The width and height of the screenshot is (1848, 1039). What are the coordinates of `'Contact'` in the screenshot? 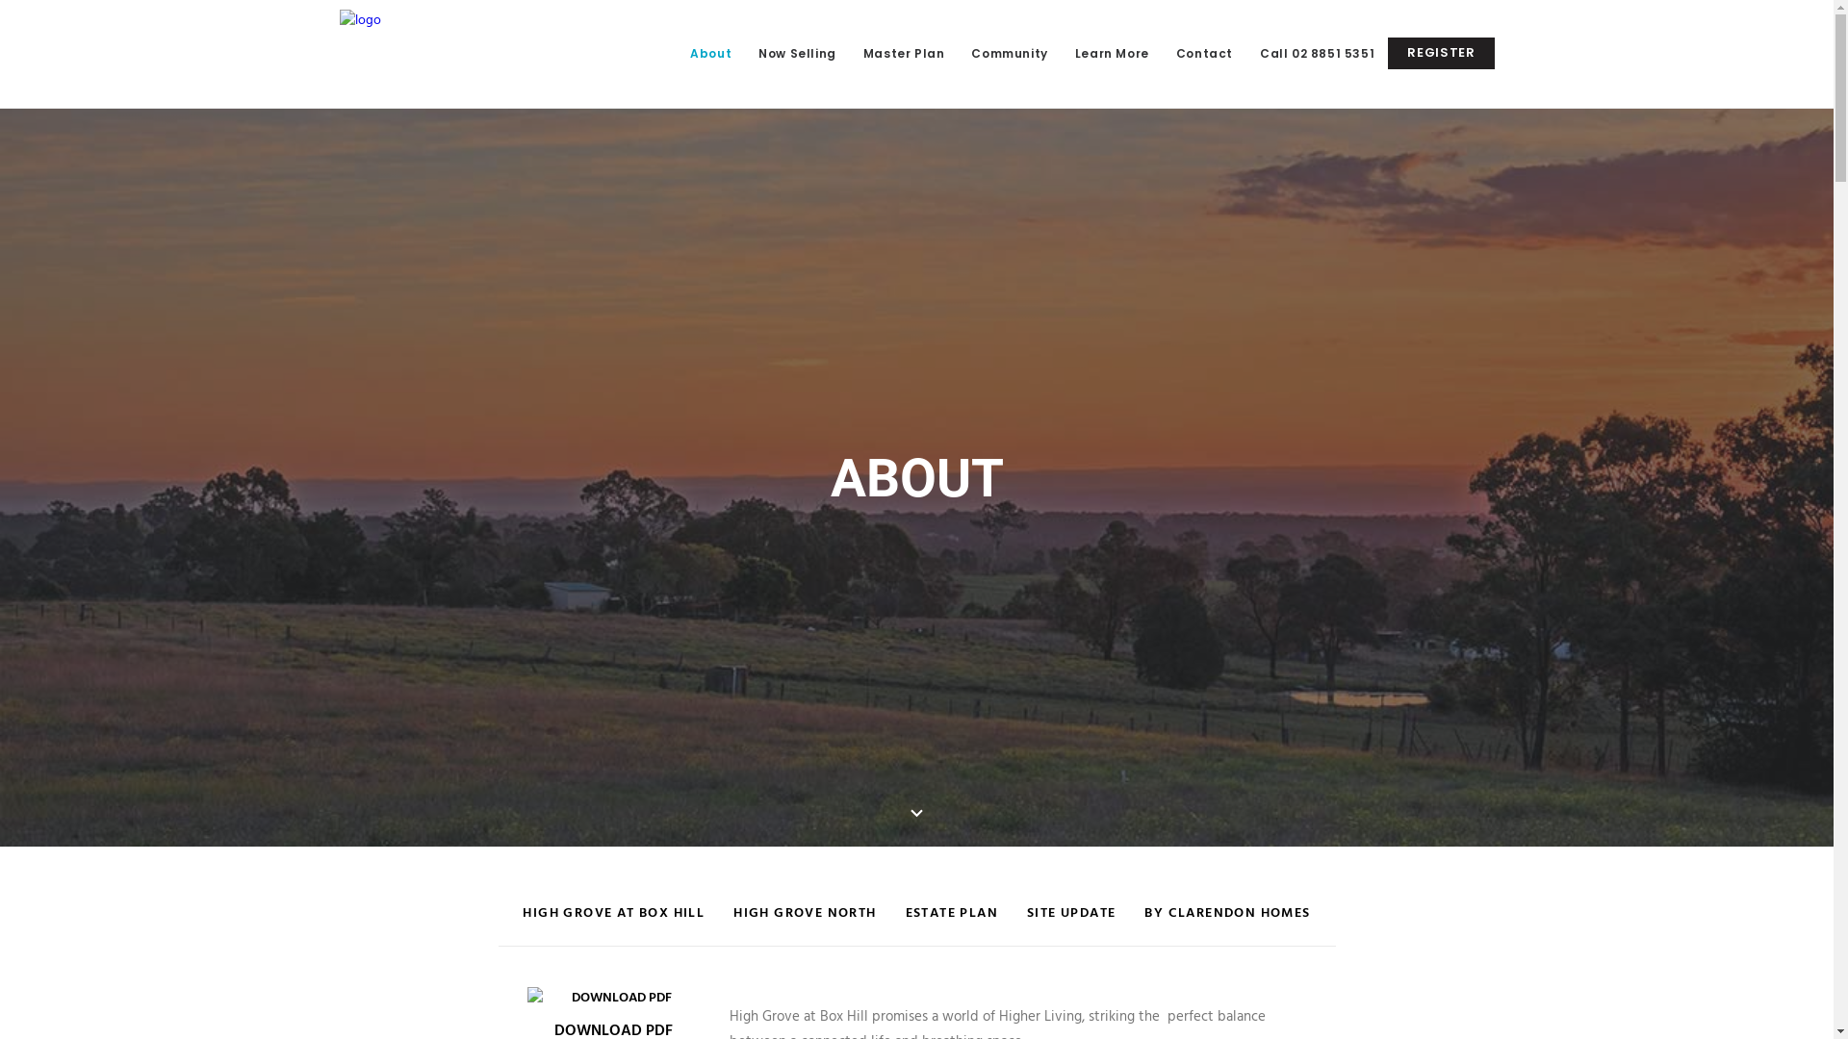 It's located at (1203, 53).